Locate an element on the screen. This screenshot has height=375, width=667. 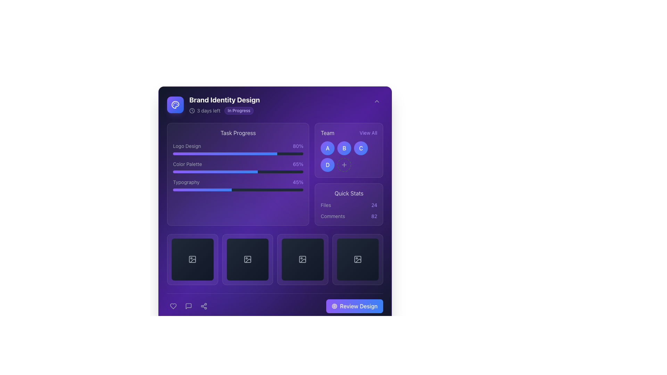
the first circular button-like UI component representing a team member in the 'Team' section, located at the top-left corner among four similar elements is located at coordinates (327, 148).